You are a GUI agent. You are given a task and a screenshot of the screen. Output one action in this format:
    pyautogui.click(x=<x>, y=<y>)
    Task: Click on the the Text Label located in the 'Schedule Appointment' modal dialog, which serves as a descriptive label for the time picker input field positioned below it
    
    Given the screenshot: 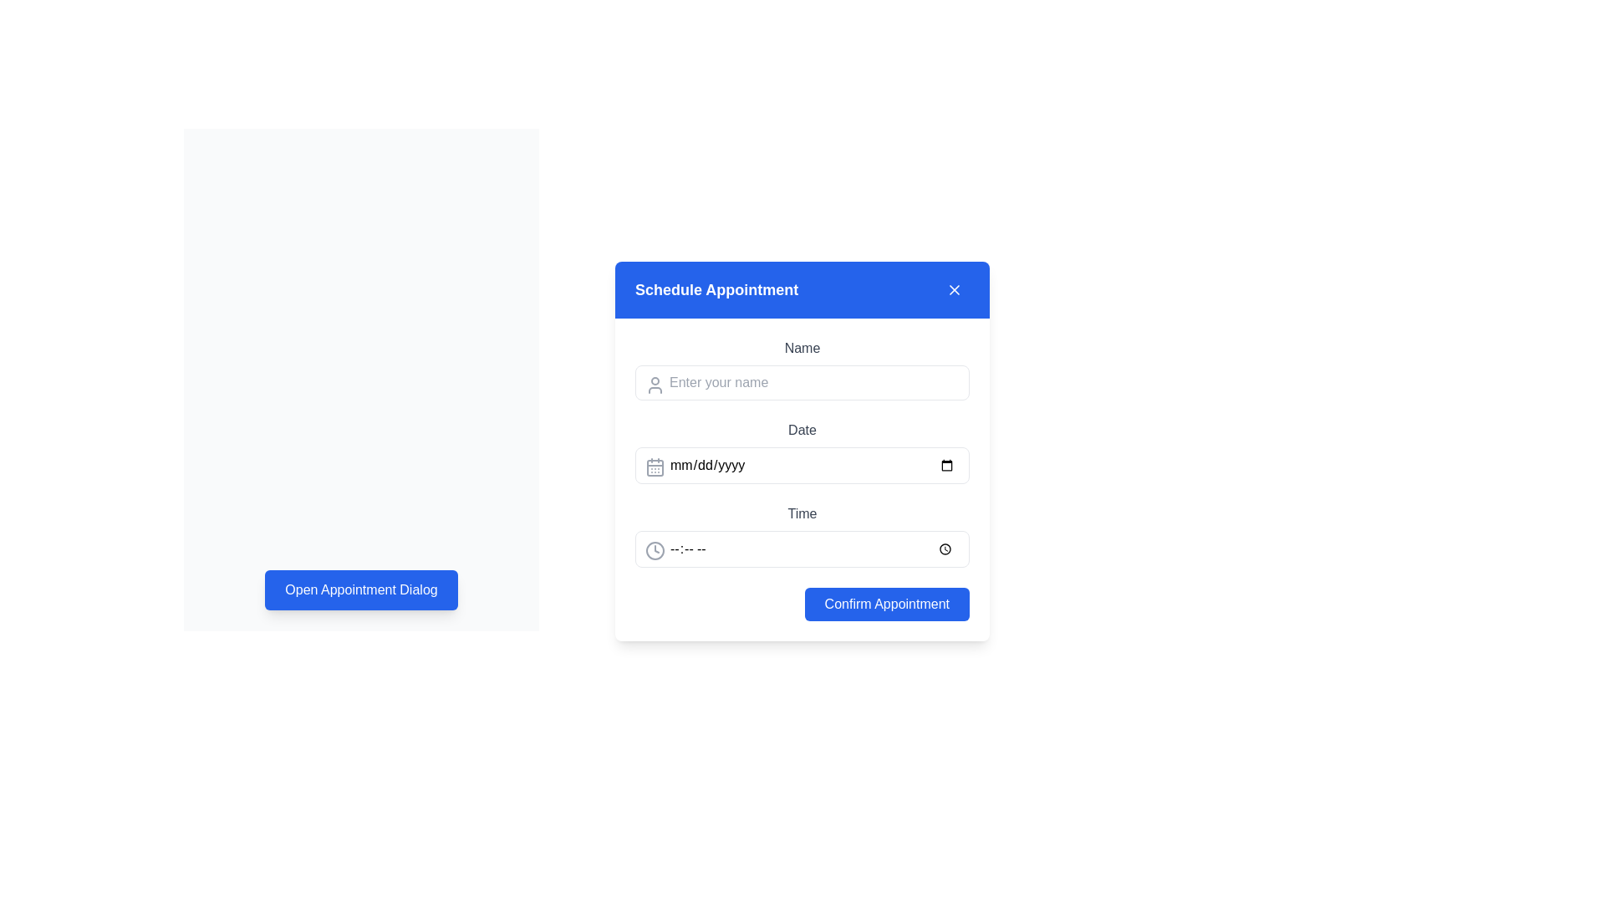 What is the action you would take?
    pyautogui.click(x=802, y=513)
    